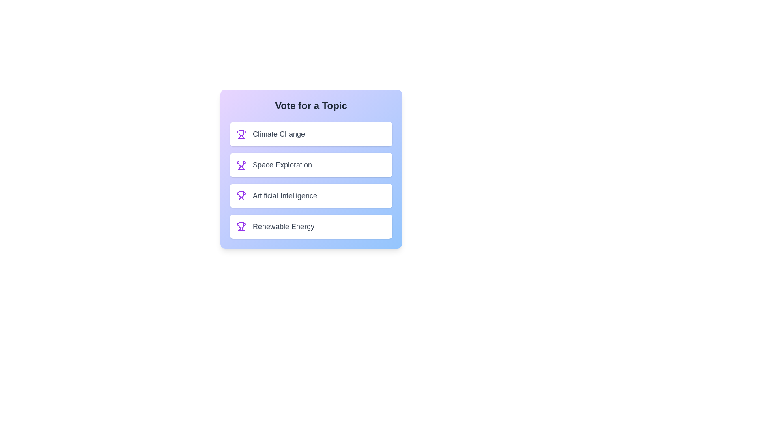  Describe the element at coordinates (241, 165) in the screenshot. I see `the trophy icon with a metallic appearance styled in purple, located to the left of the text 'Space Exploration' inside the second card in a vertical list` at that location.